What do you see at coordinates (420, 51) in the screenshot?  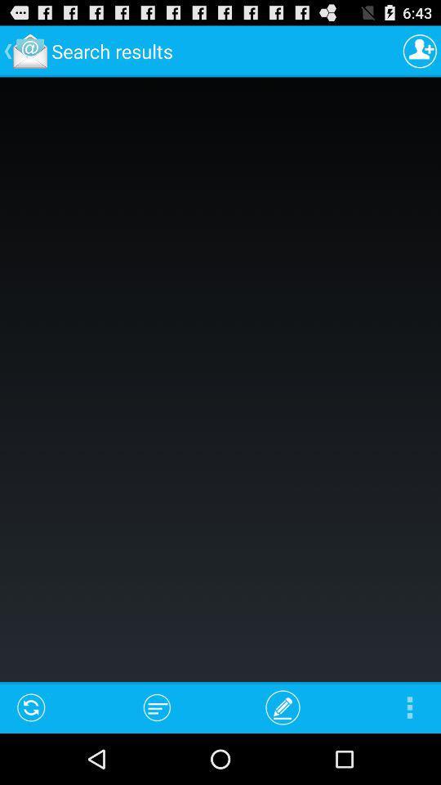 I see `people` at bounding box center [420, 51].